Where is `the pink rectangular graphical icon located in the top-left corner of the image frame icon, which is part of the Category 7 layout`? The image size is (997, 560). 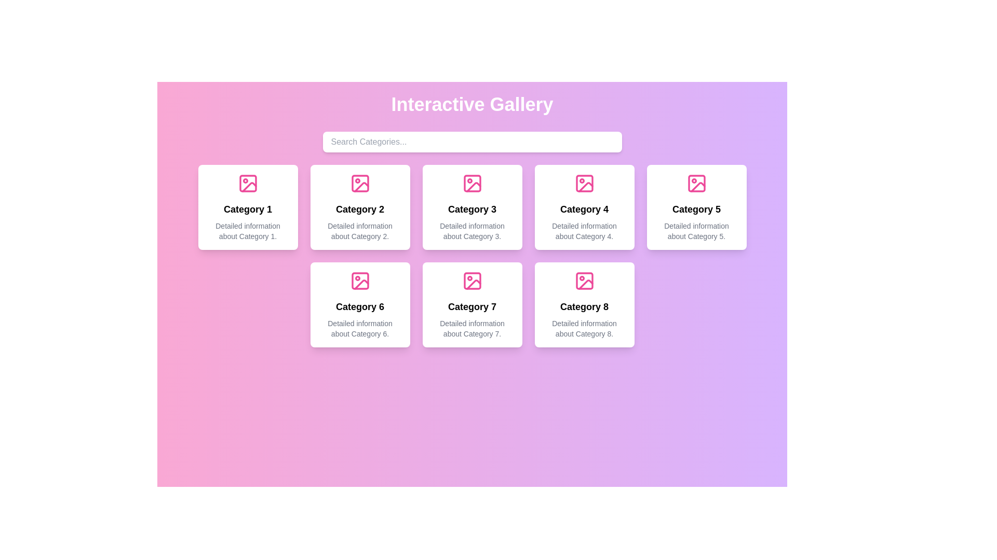
the pink rectangular graphical icon located in the top-left corner of the image frame icon, which is part of the Category 7 layout is located at coordinates (471, 281).